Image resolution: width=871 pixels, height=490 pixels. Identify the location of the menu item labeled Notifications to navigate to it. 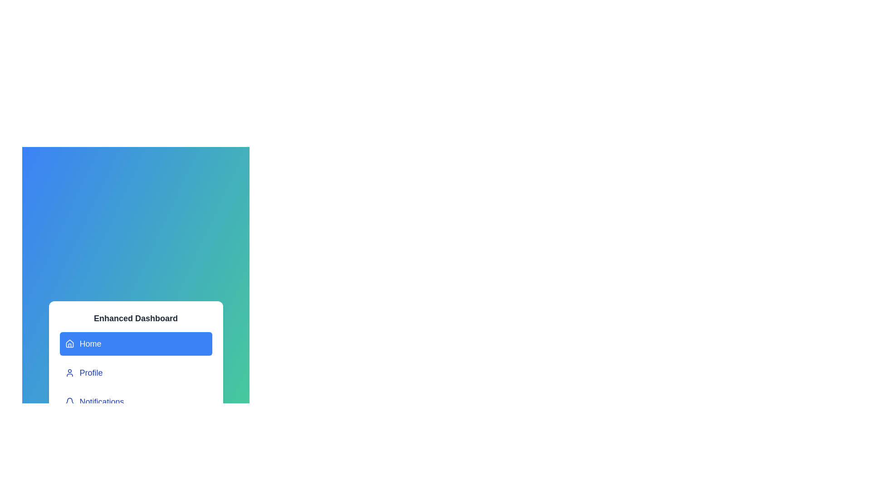
(135, 402).